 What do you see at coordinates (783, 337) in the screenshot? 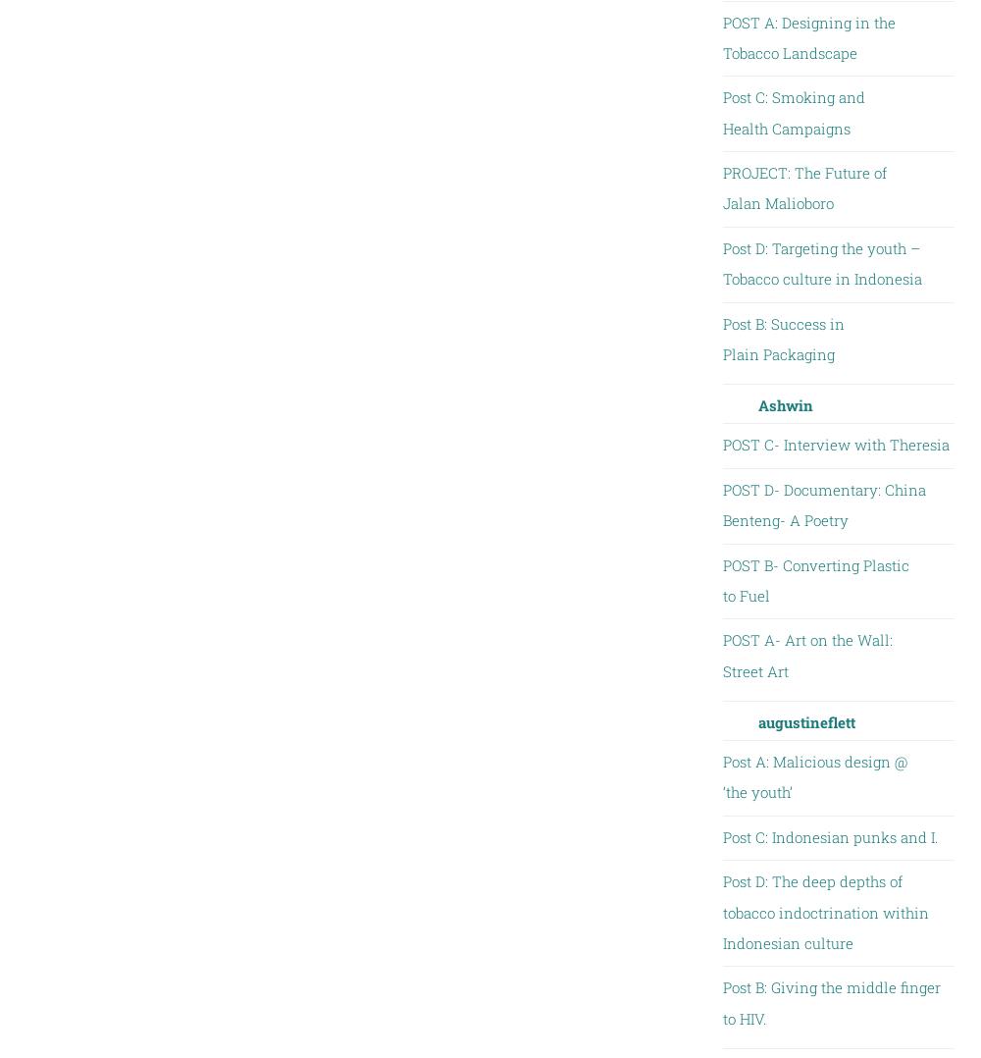
I see `'Post B: Success in Plain Packaging'` at bounding box center [783, 337].